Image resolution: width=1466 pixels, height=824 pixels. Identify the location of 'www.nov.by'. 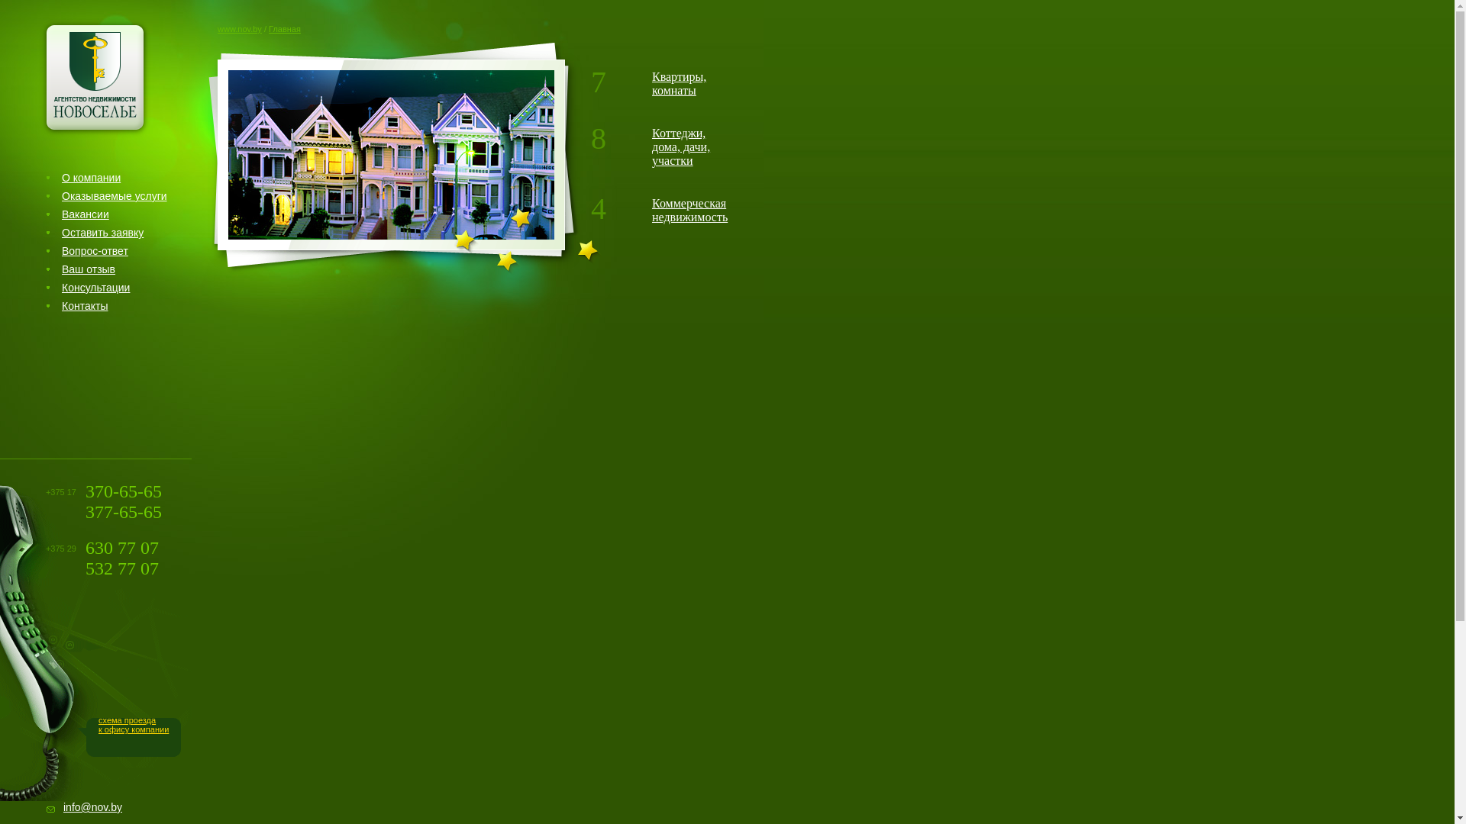
(238, 29).